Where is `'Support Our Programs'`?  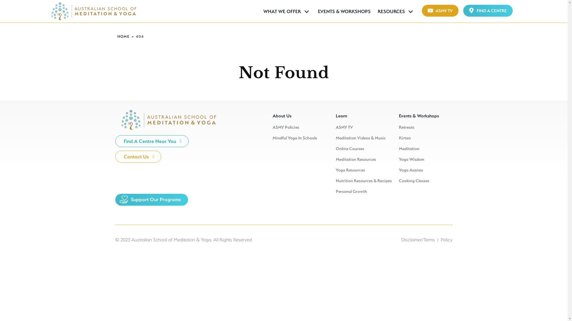
'Support Our Programs' is located at coordinates (151, 199).